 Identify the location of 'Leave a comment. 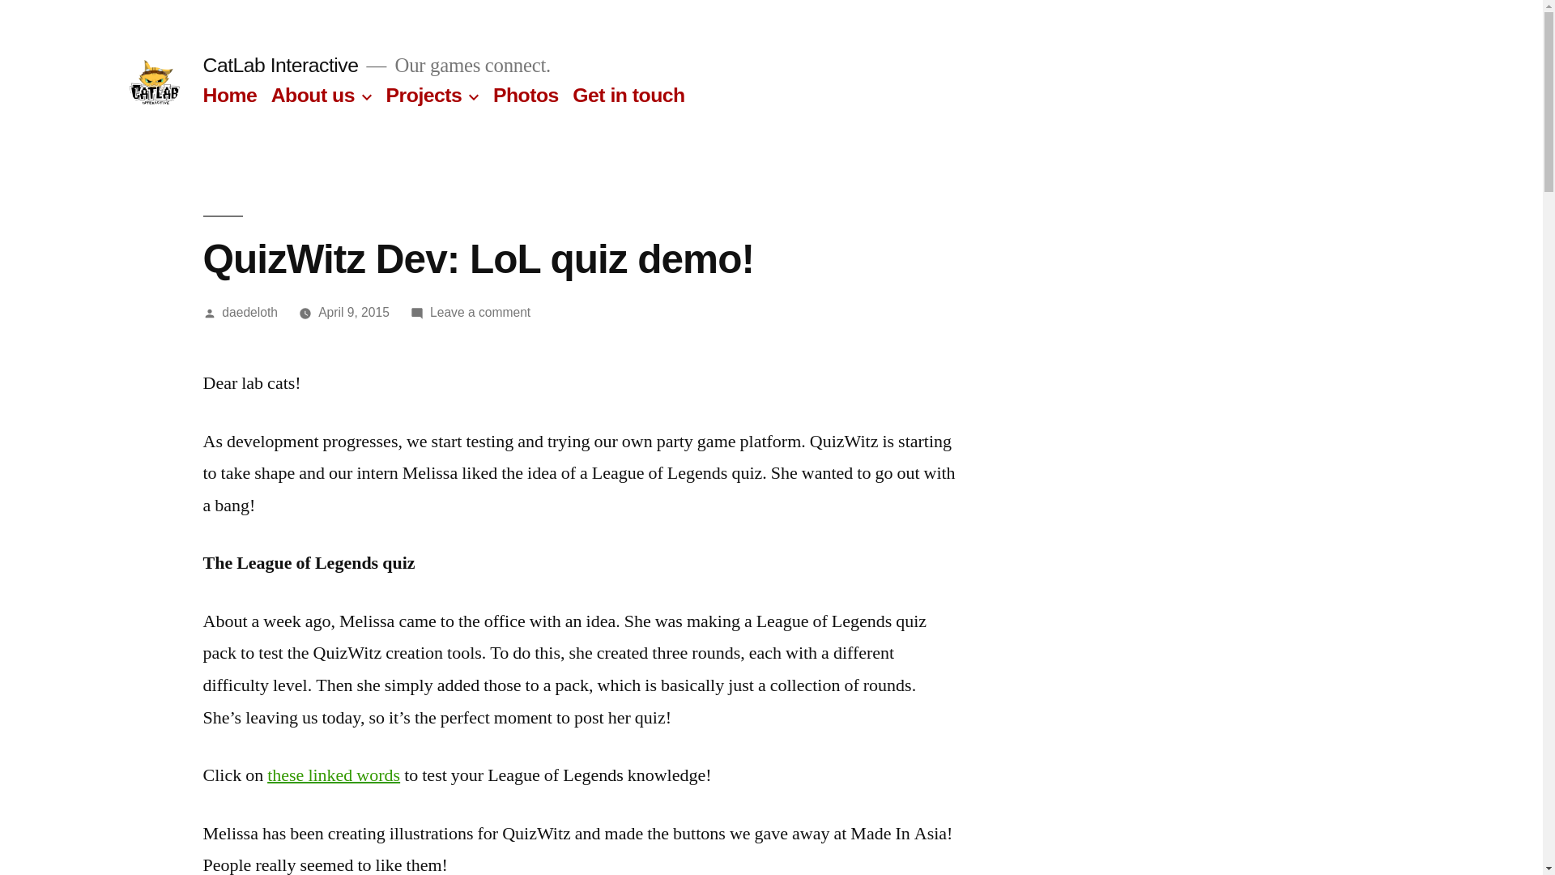
(430, 312).